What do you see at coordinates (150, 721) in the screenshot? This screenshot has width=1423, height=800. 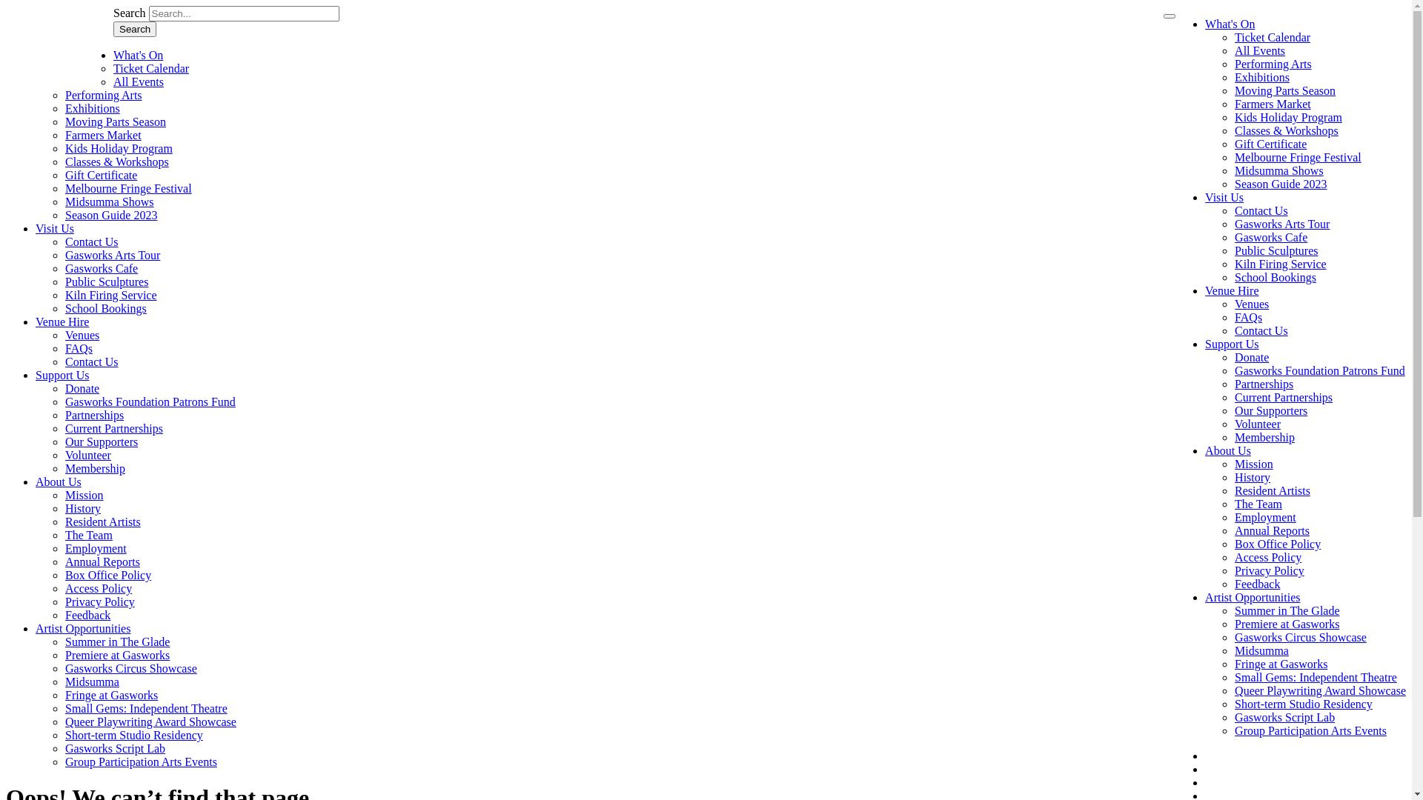 I see `'Queer Playwriting Award Showcase'` at bounding box center [150, 721].